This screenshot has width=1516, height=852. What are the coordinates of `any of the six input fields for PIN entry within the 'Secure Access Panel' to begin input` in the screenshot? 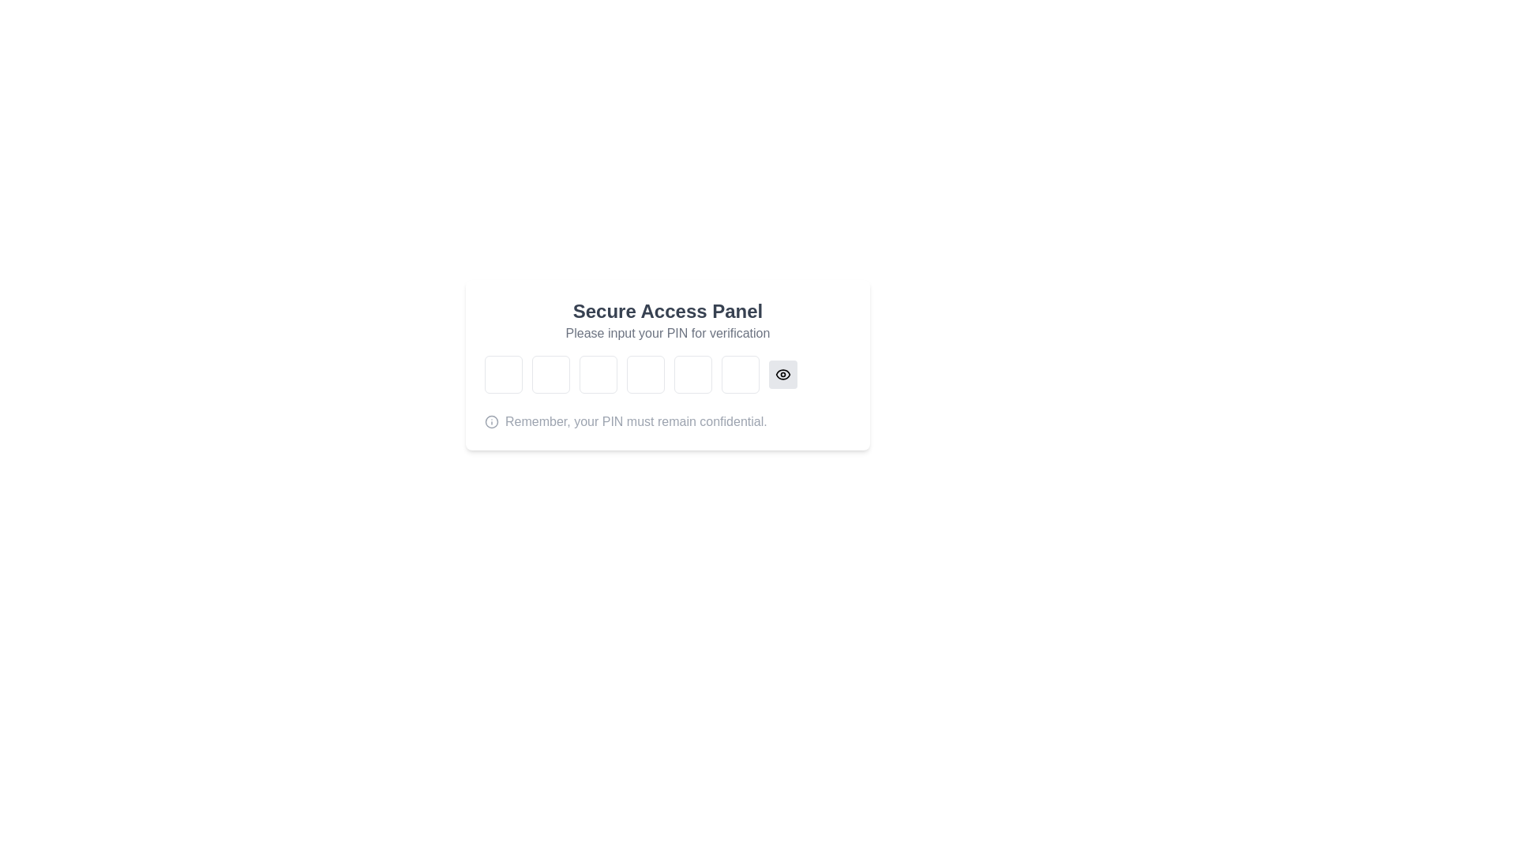 It's located at (667, 374).